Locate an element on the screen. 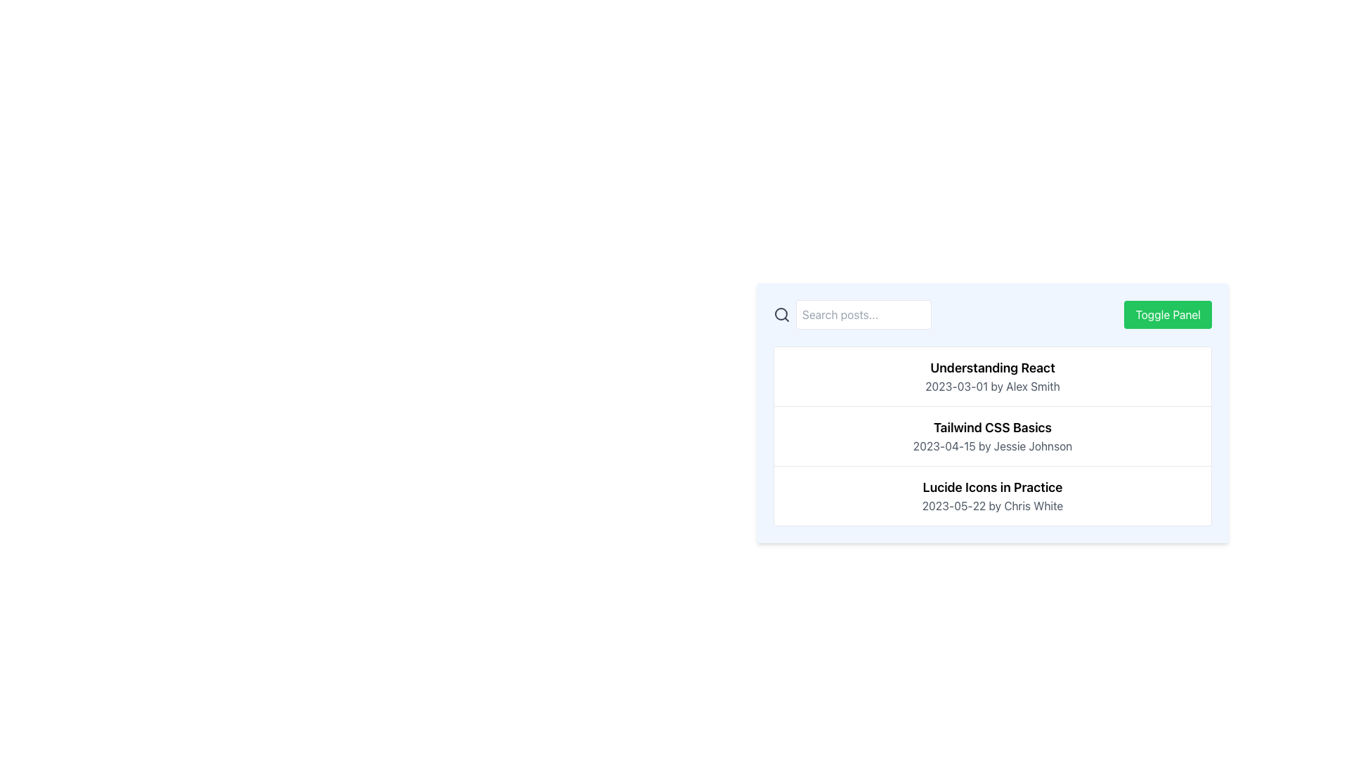 The width and height of the screenshot is (1349, 759). the text label 'Understanding React' is located at coordinates (991, 368).